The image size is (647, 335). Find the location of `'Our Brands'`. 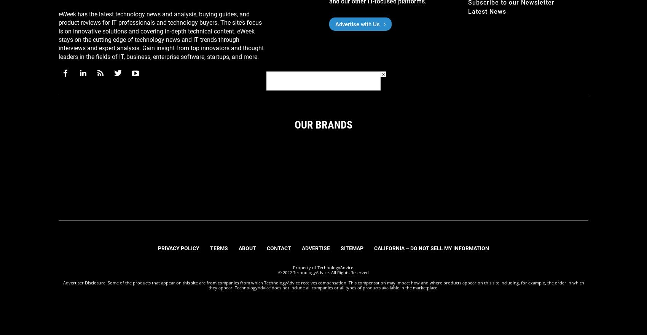

'Our Brands' is located at coordinates (294, 125).